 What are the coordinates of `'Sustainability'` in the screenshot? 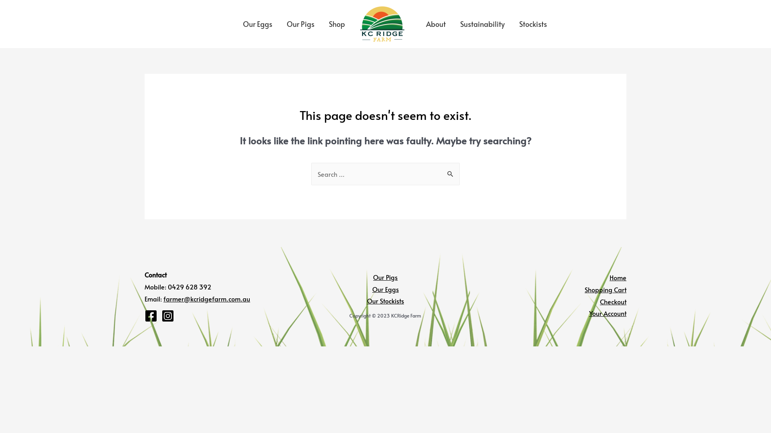 It's located at (482, 24).